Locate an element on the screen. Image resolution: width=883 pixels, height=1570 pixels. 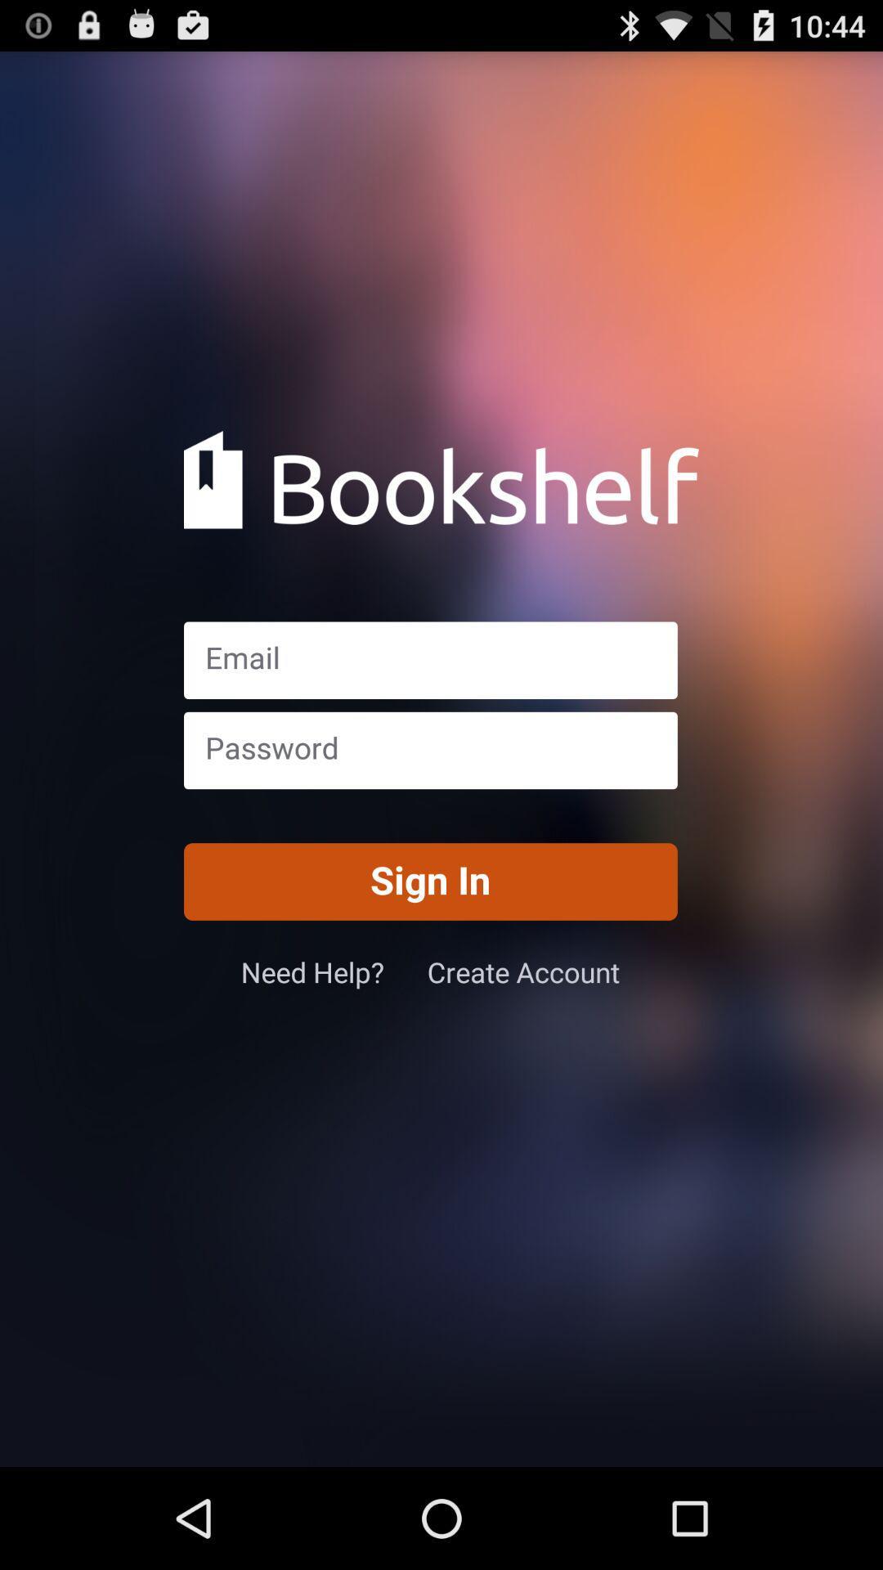
the item next to create account button is located at coordinates (333, 971).